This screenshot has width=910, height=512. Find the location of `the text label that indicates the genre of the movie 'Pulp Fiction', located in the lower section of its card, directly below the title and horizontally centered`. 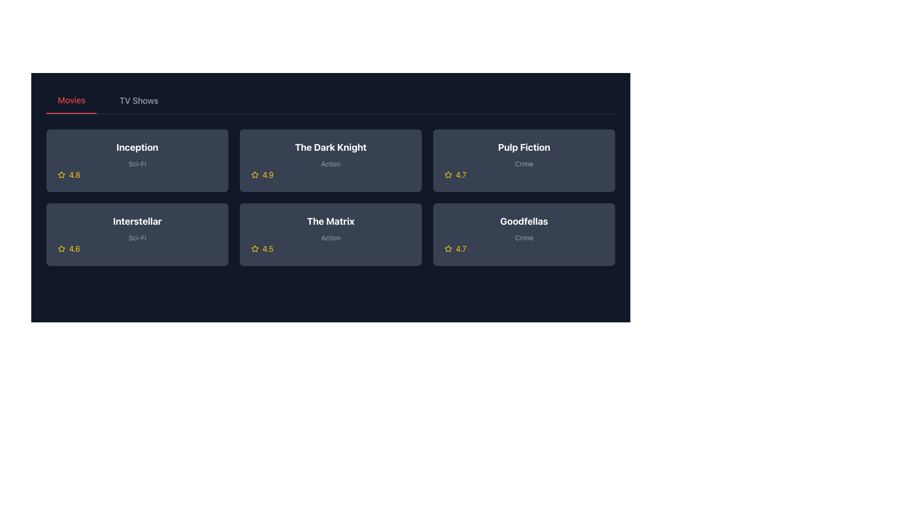

the text label that indicates the genre of the movie 'Pulp Fiction', located in the lower section of its card, directly below the title and horizontally centered is located at coordinates (523, 163).